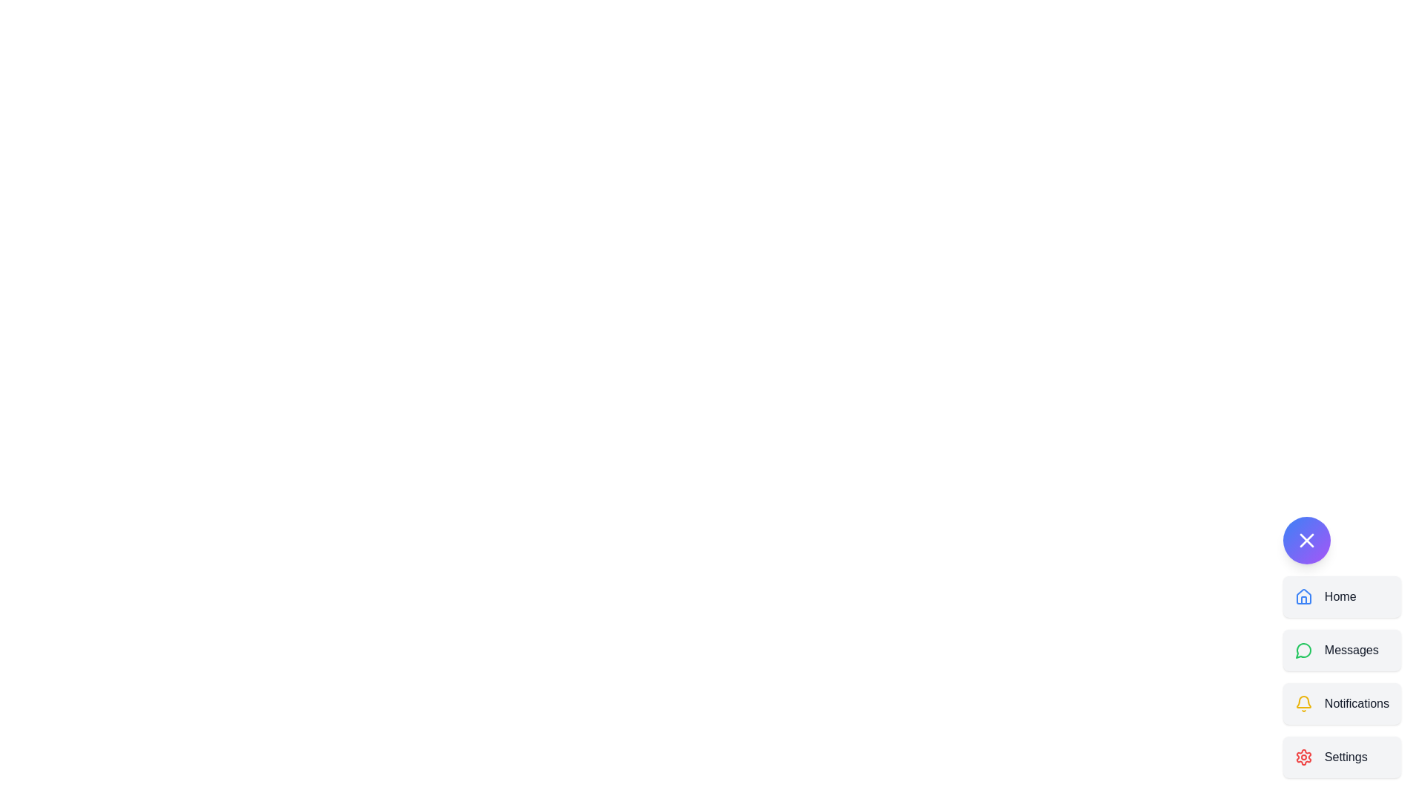 The image size is (1425, 802). What do you see at coordinates (1306, 541) in the screenshot?
I see `the diagonal cross ('X') icon located at the top right corner of the floating sidebar menu` at bounding box center [1306, 541].